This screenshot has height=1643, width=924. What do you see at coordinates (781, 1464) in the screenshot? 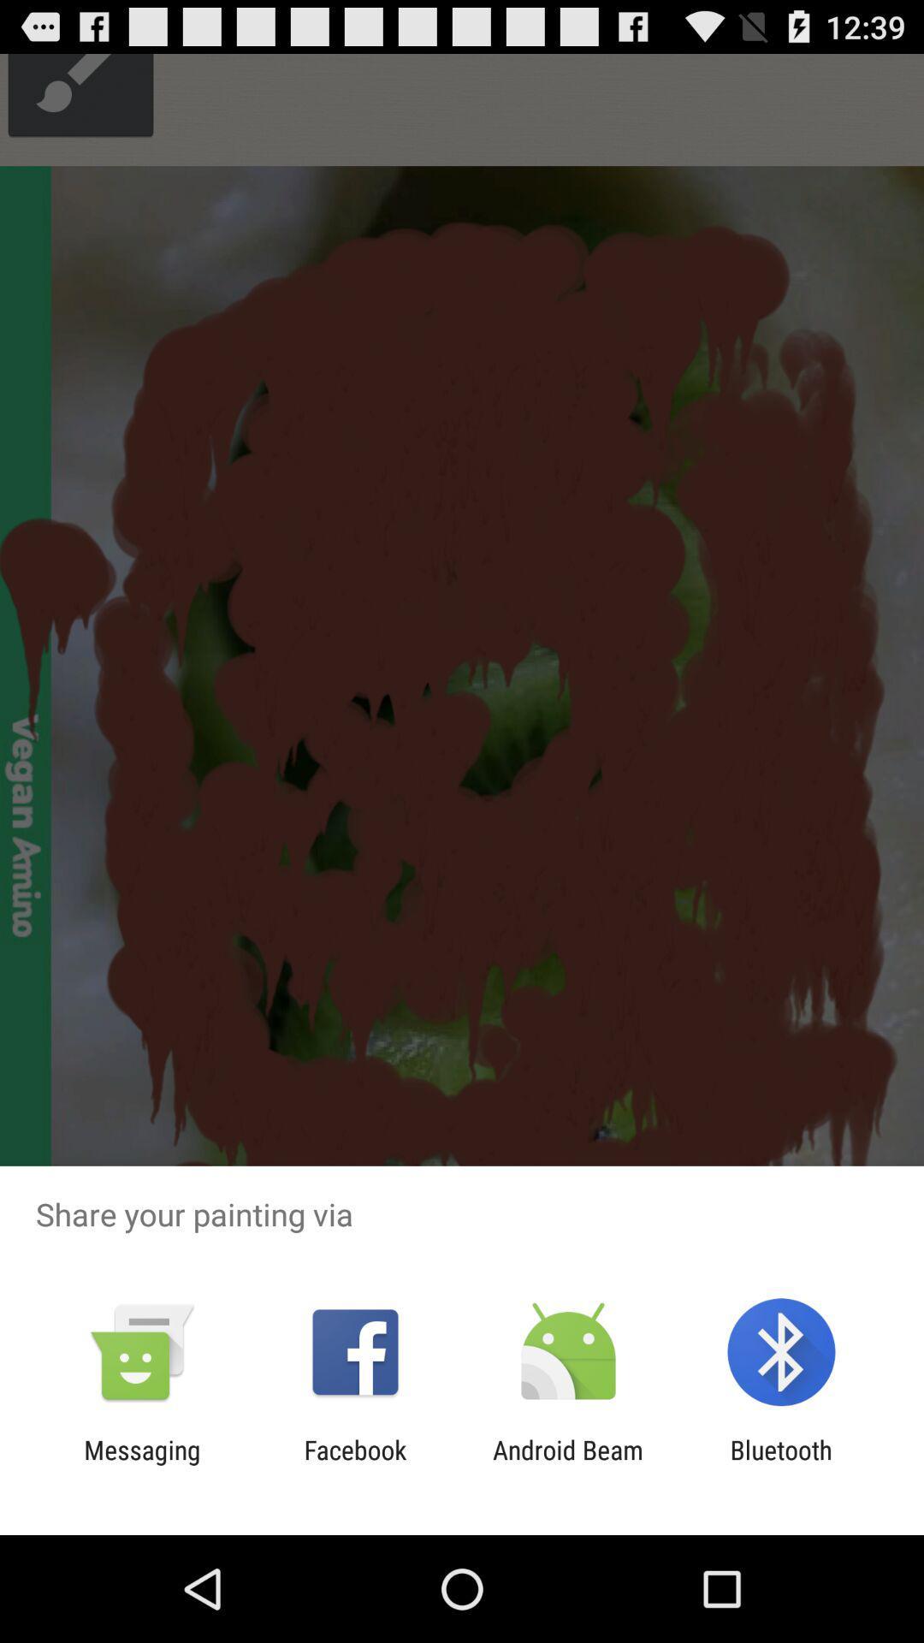
I see `bluetooth icon` at bounding box center [781, 1464].